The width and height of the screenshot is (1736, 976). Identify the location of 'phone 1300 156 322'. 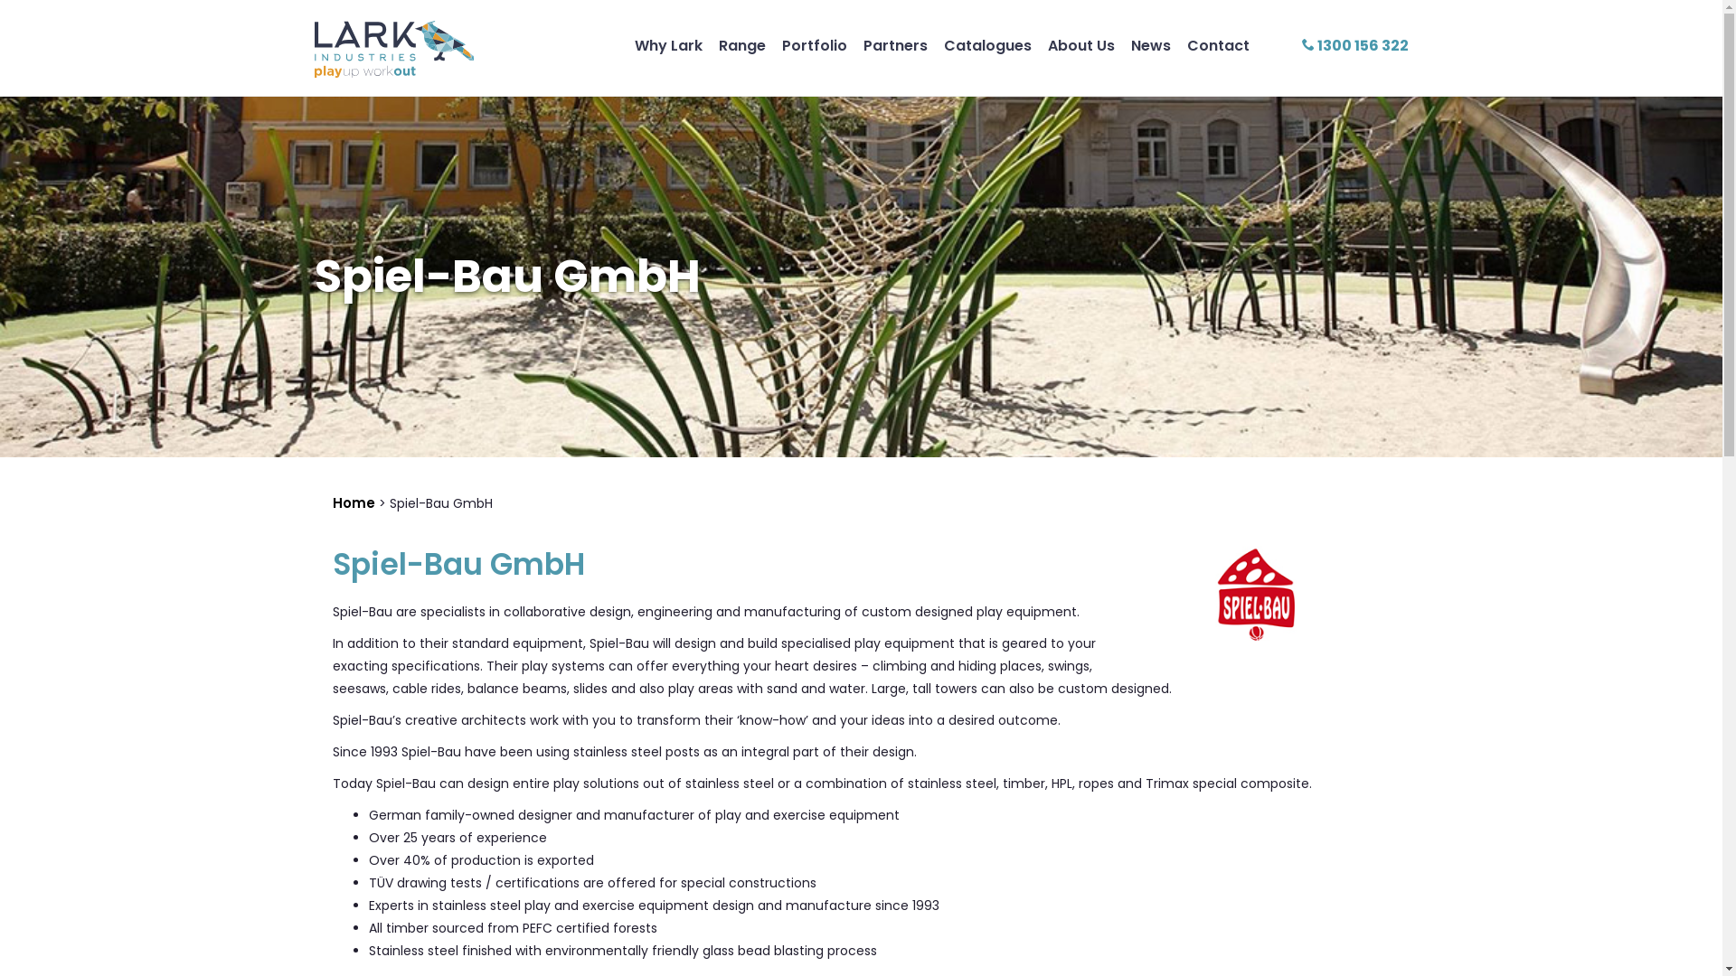
(1354, 44).